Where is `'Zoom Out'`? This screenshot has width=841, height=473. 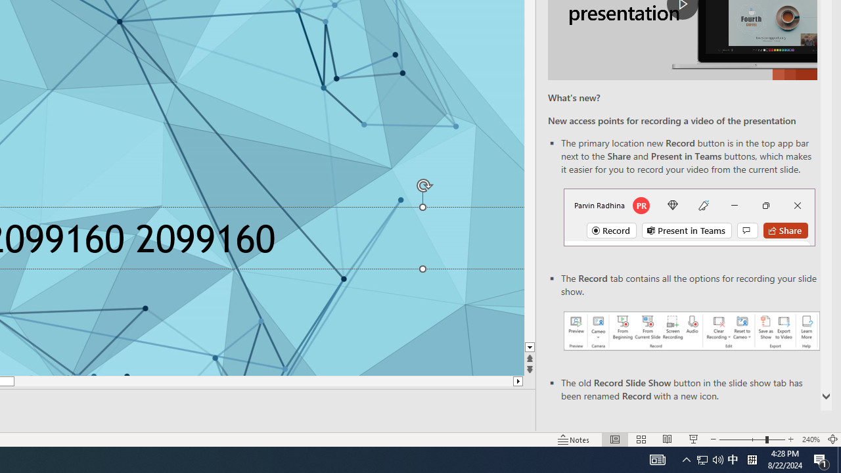
'Zoom Out' is located at coordinates (742, 439).